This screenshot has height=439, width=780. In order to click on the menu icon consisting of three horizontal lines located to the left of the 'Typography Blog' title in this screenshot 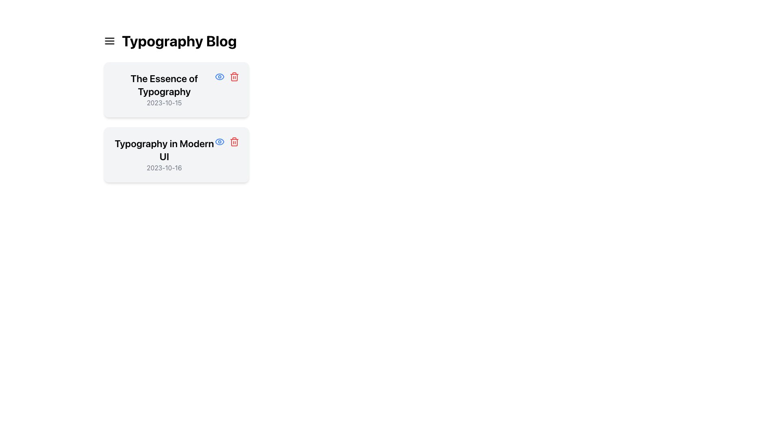, I will do `click(109, 41)`.